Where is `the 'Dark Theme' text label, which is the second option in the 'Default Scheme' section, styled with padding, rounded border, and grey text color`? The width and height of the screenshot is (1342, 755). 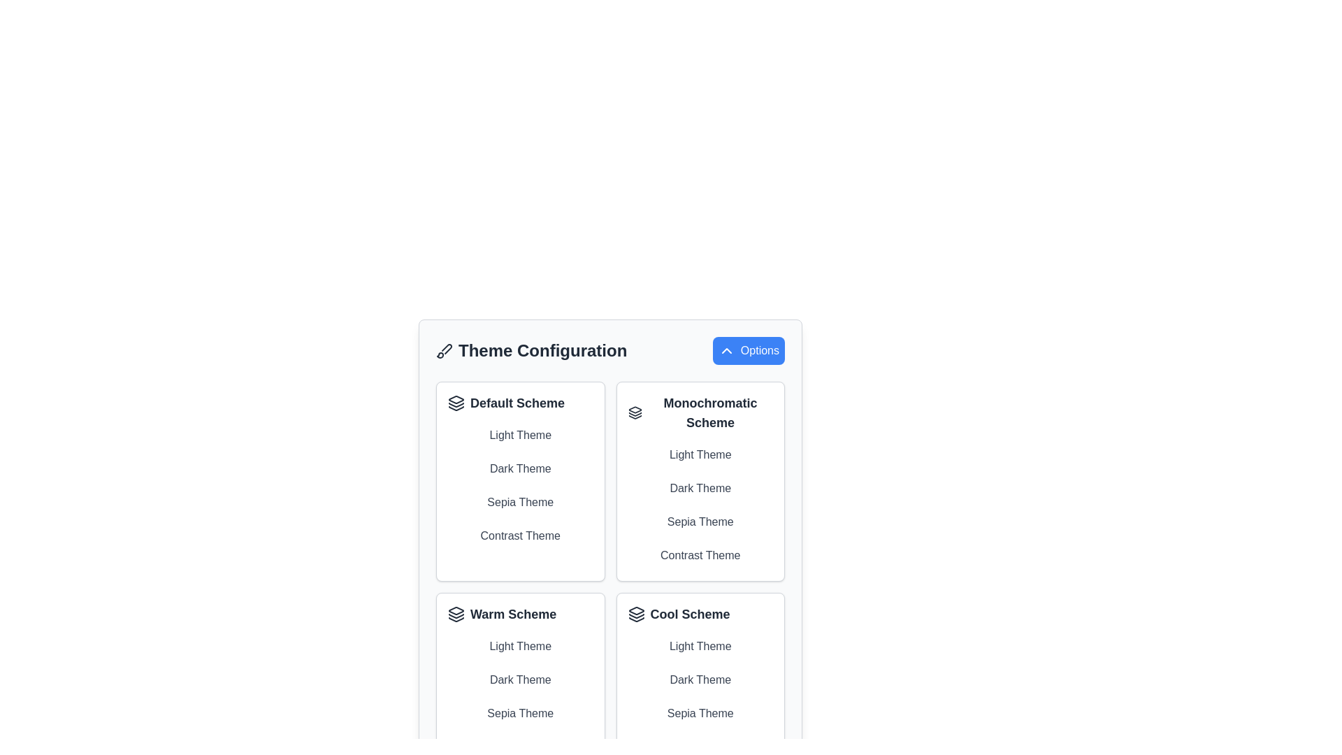 the 'Dark Theme' text label, which is the second option in the 'Default Scheme' section, styled with padding, rounded border, and grey text color is located at coordinates (519, 469).